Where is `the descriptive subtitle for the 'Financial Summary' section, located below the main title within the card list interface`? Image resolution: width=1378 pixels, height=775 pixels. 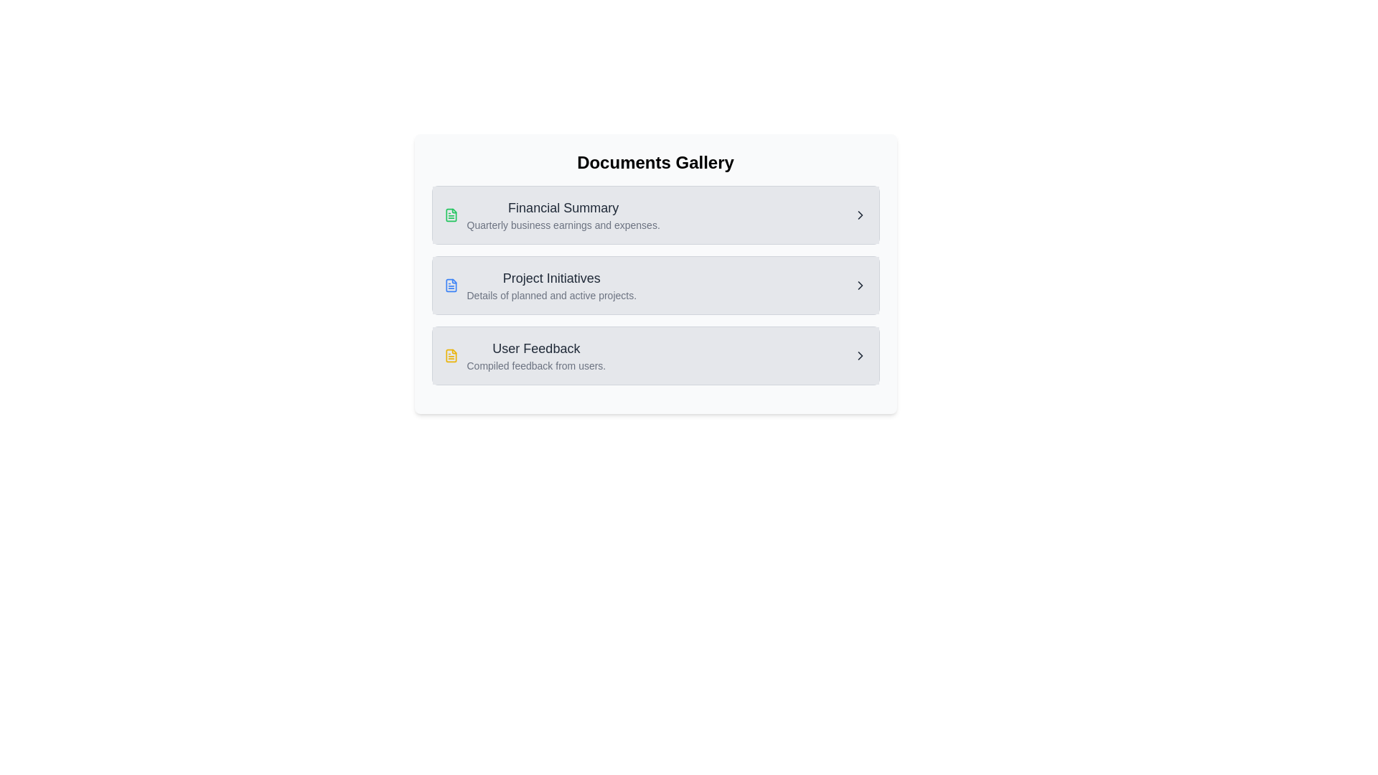
the descriptive subtitle for the 'Financial Summary' section, located below the main title within the card list interface is located at coordinates (563, 225).